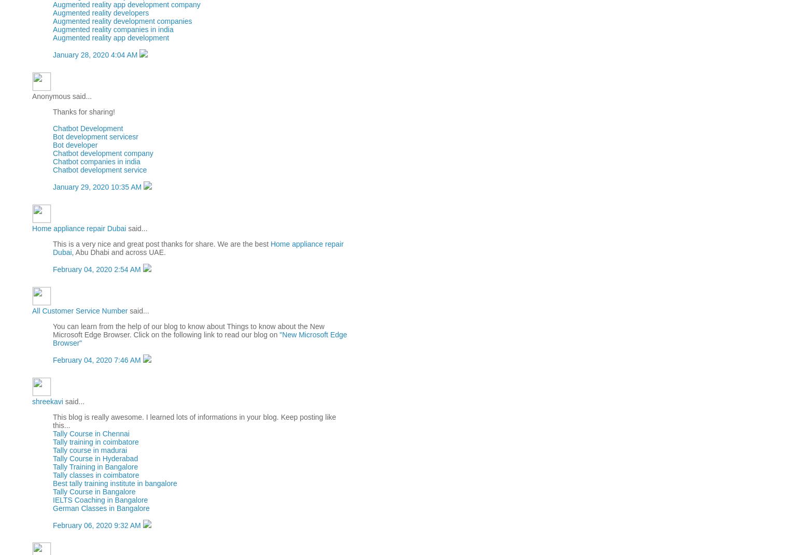 This screenshot has width=801, height=555. I want to click on 'Best tally training institute in bangalore', so click(52, 482).